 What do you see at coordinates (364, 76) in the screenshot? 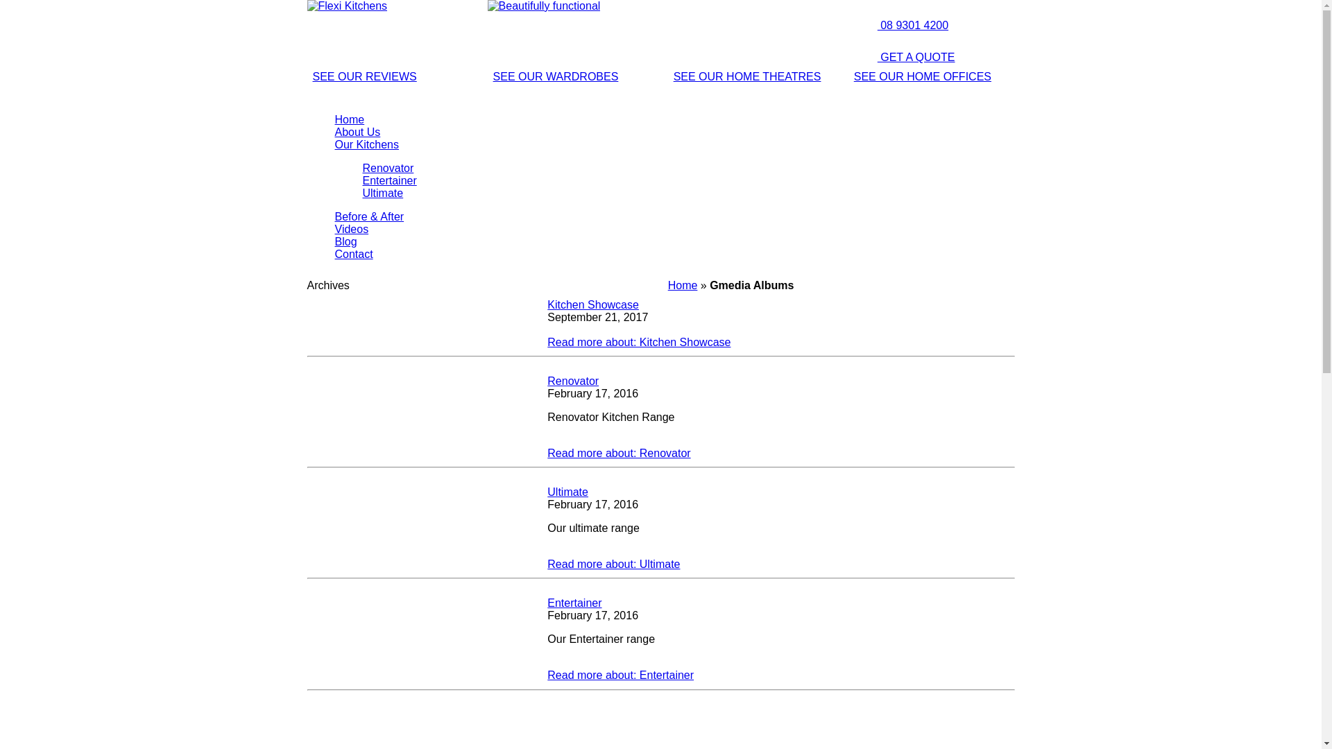
I see `'SEE OUR REVIEWS'` at bounding box center [364, 76].